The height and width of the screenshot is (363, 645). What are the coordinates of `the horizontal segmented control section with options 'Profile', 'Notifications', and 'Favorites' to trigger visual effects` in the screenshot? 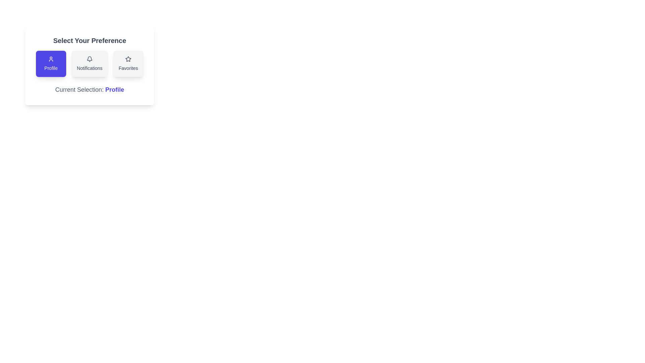 It's located at (89, 64).